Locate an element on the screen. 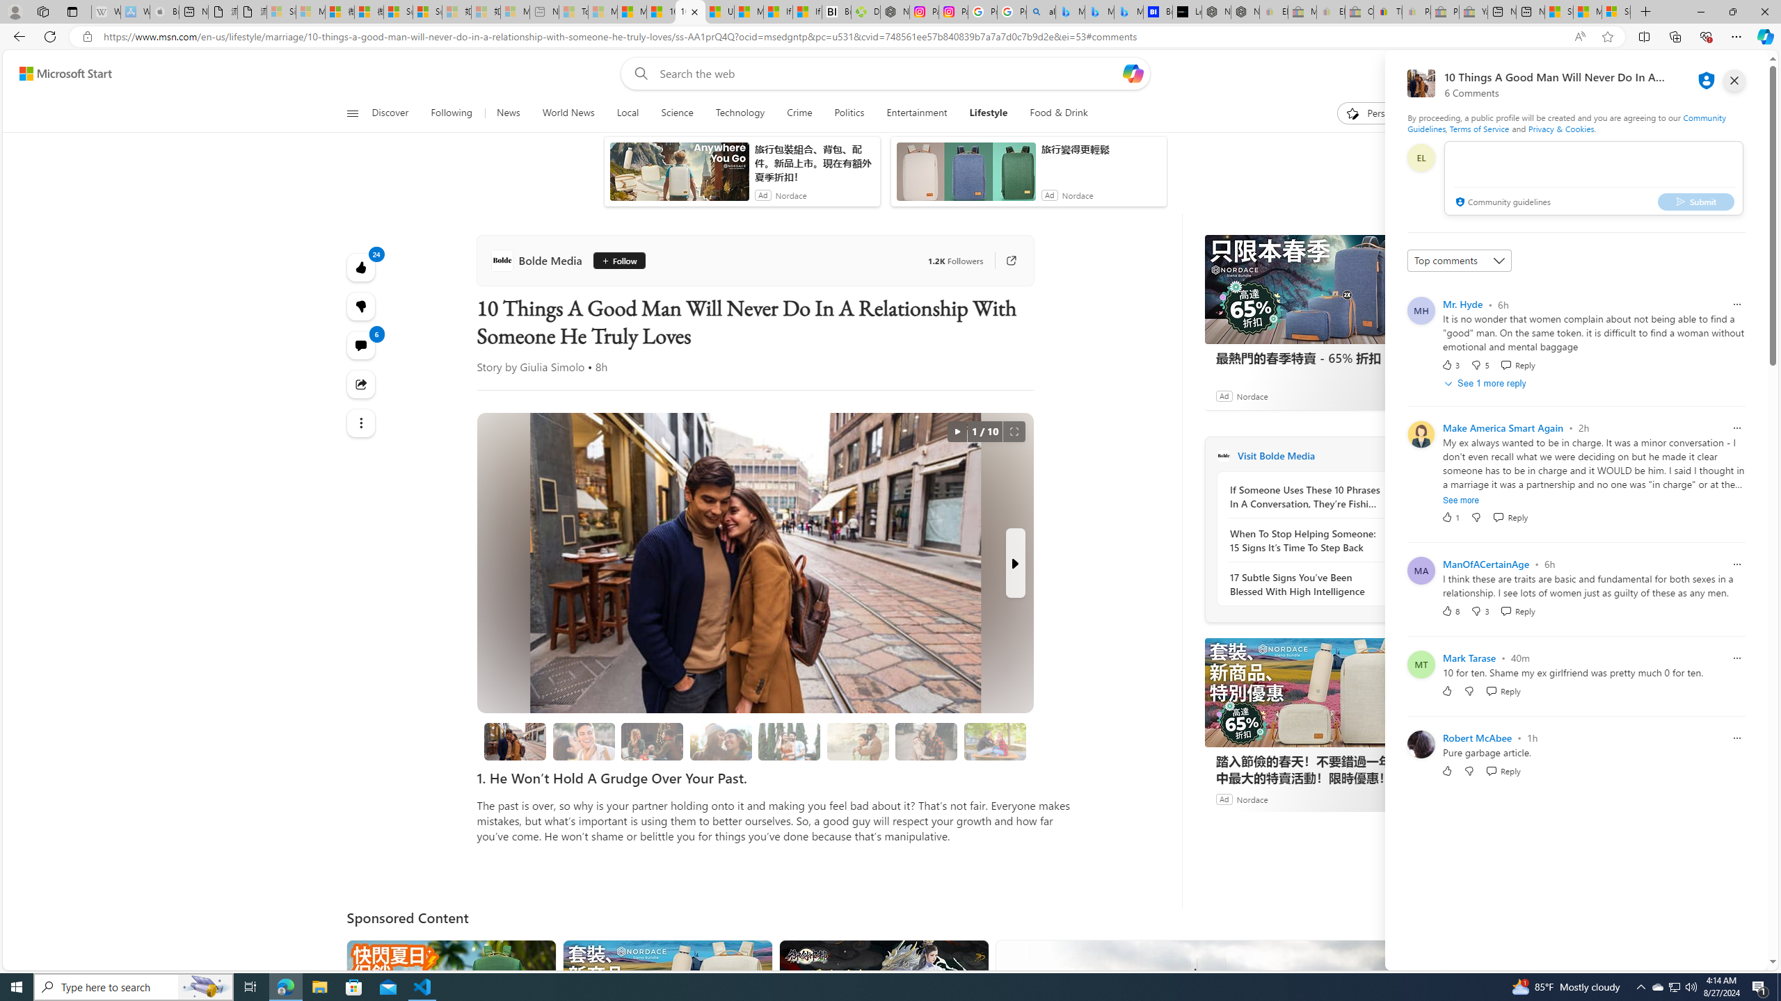 Image resolution: width=1781 pixels, height=1001 pixels. 'See 1 more reply' is located at coordinates (1486, 383).